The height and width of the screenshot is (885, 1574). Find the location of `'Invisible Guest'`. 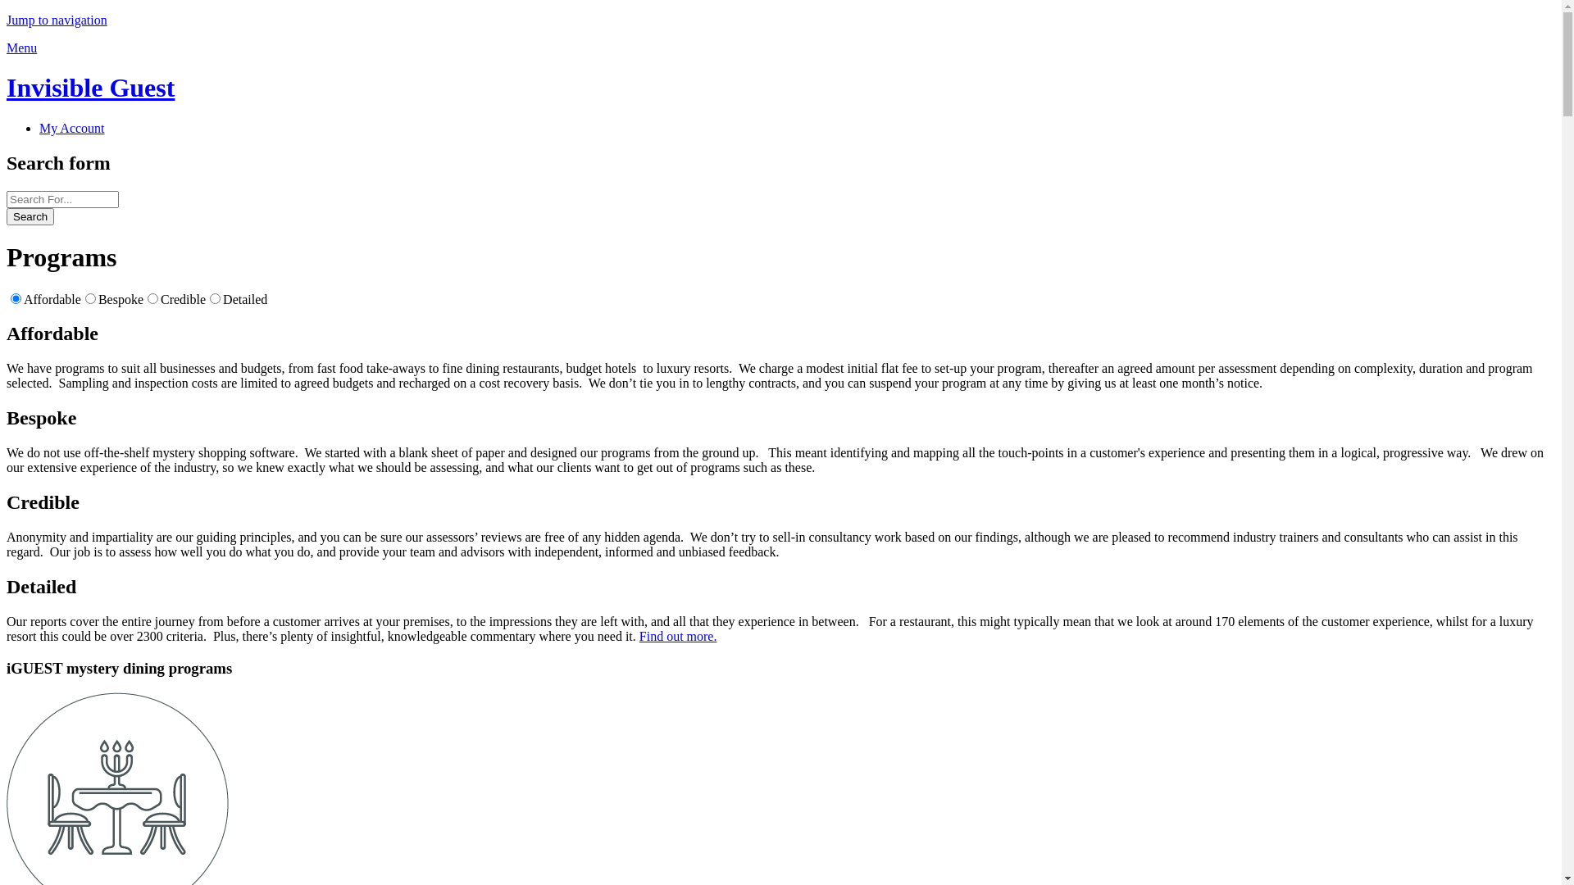

'Invisible Guest' is located at coordinates (89, 88).